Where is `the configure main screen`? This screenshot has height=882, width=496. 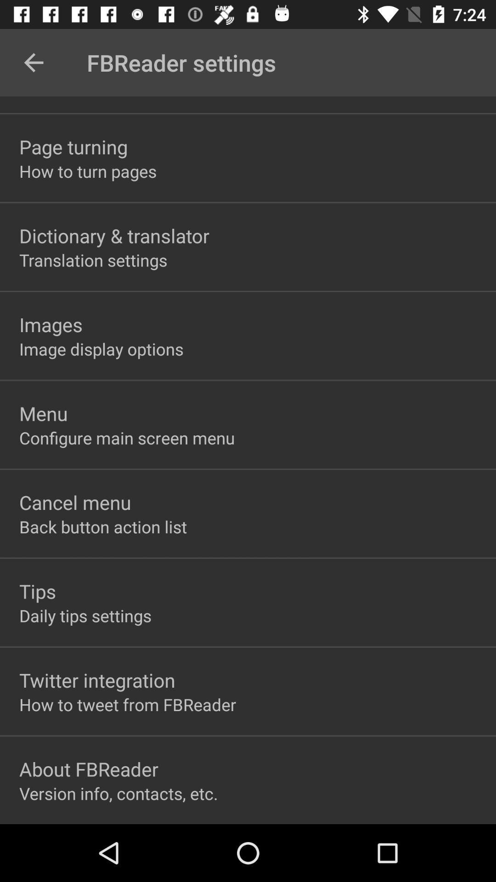 the configure main screen is located at coordinates (127, 437).